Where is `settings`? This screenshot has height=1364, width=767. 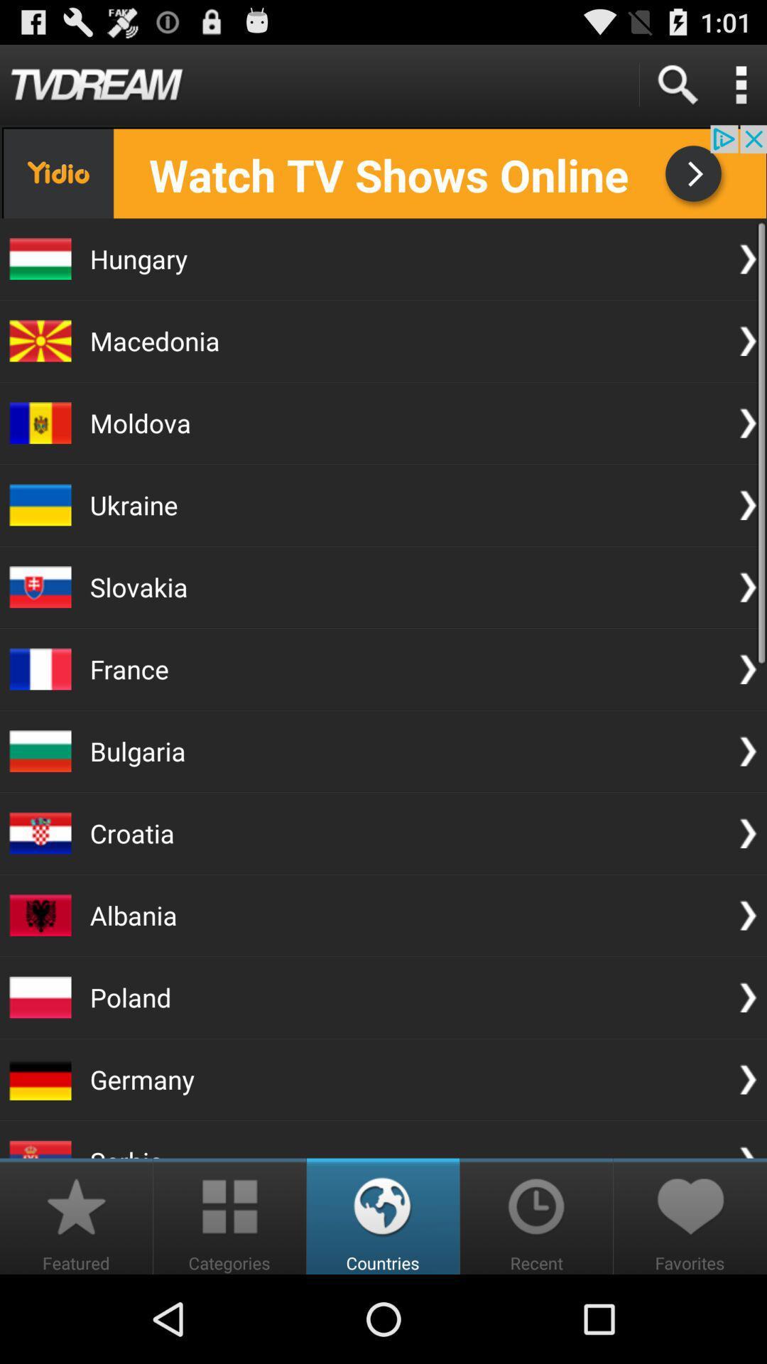 settings is located at coordinates (740, 84).